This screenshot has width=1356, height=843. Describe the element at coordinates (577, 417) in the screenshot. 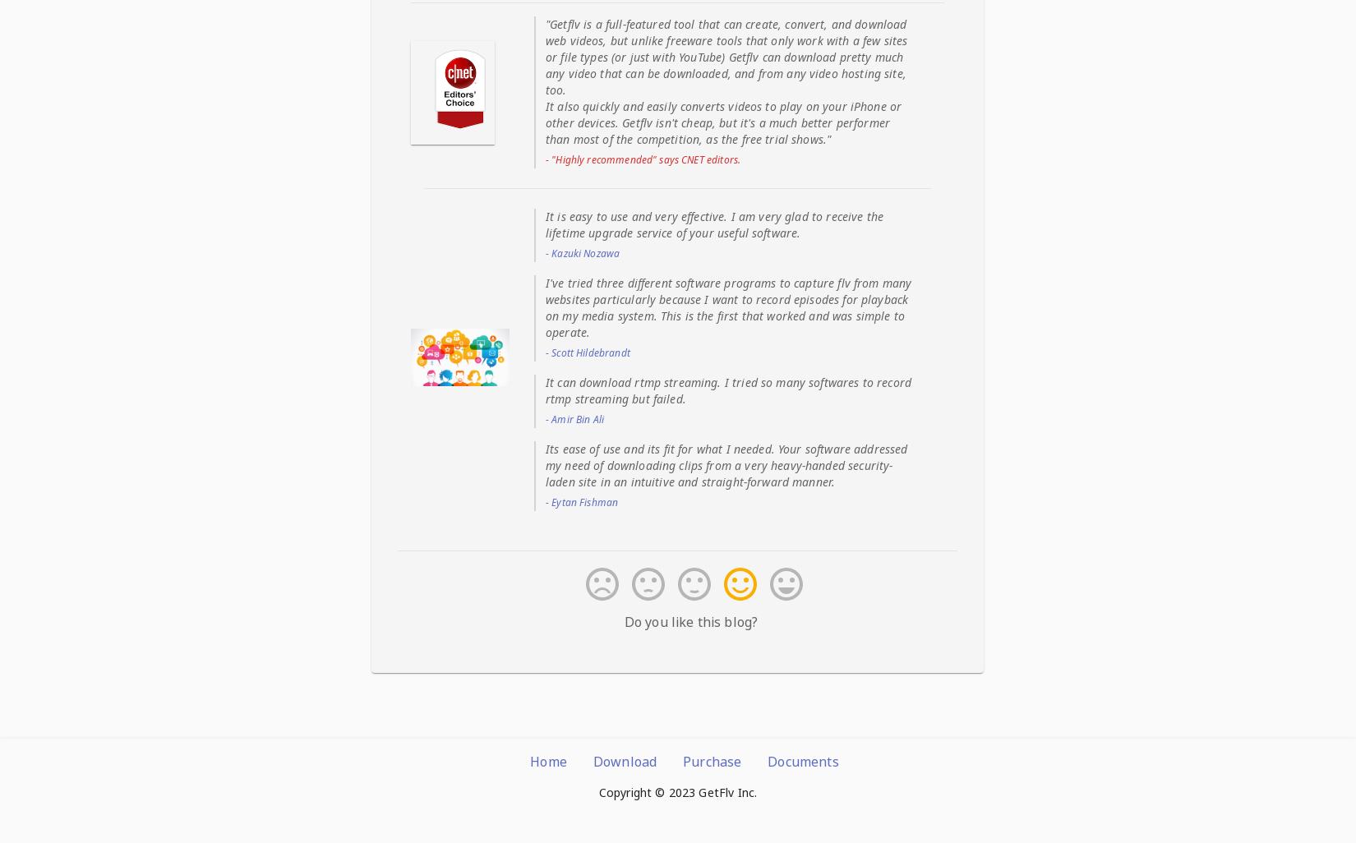

I see `'Amir Bin Ali'` at that location.